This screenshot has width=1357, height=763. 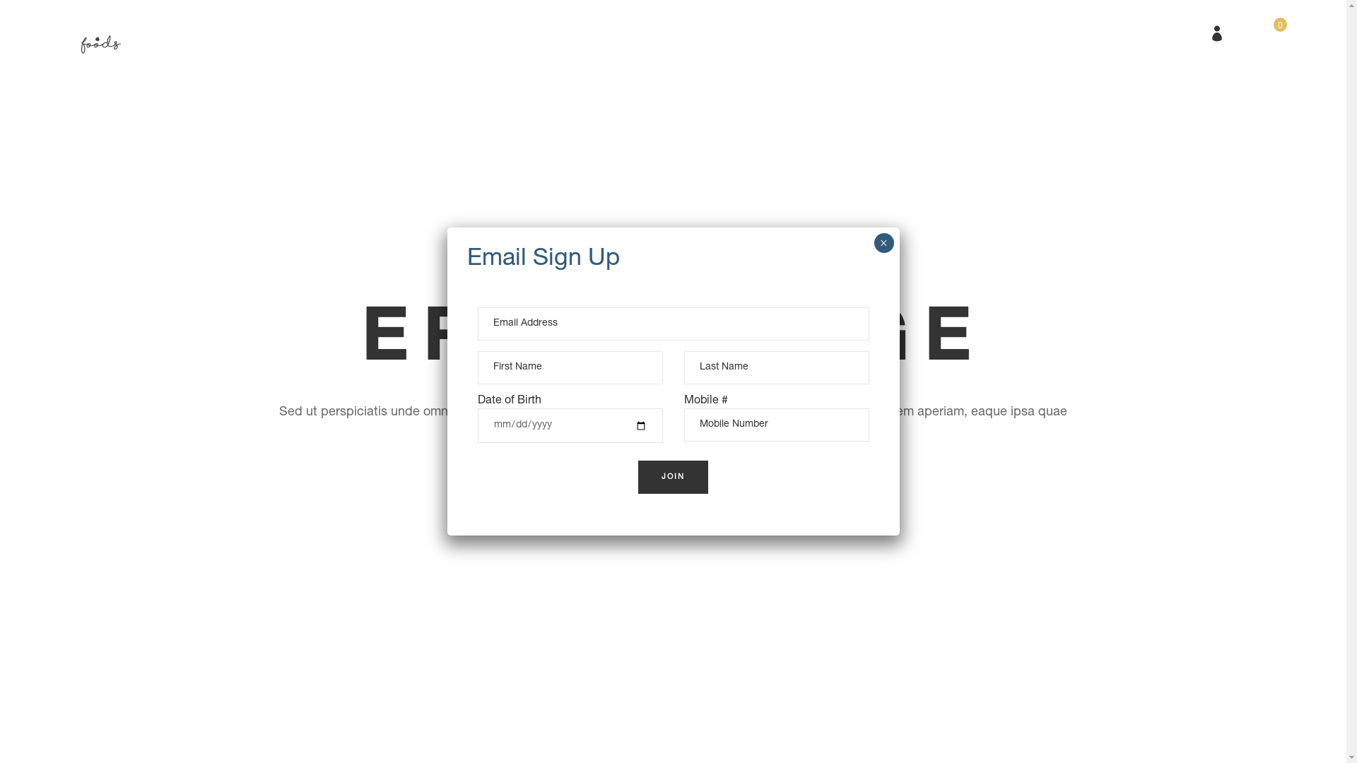 What do you see at coordinates (673, 477) in the screenshot?
I see `'Join'` at bounding box center [673, 477].